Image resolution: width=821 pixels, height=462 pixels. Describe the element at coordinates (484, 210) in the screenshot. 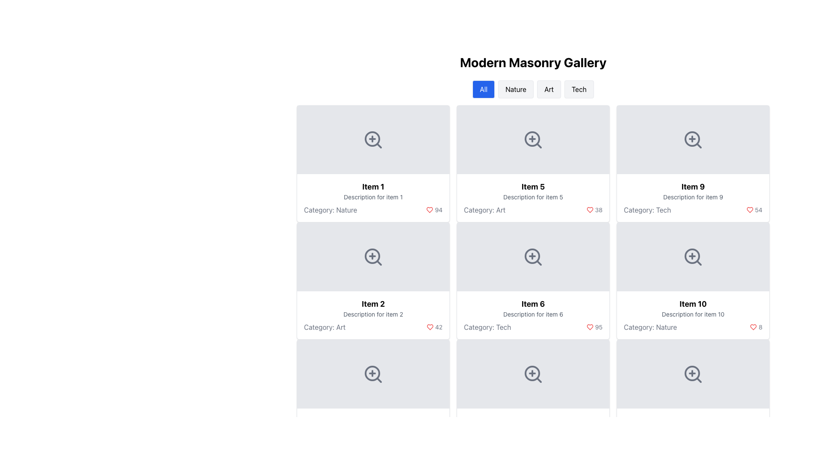

I see `the text label reading 'Category: Art' located beneath 'Item 5' in the UI, which is rendered in light gray color` at that location.